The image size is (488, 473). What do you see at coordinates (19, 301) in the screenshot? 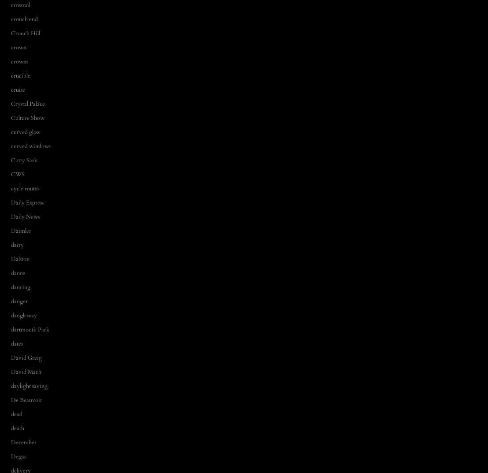
I see `'danger'` at bounding box center [19, 301].